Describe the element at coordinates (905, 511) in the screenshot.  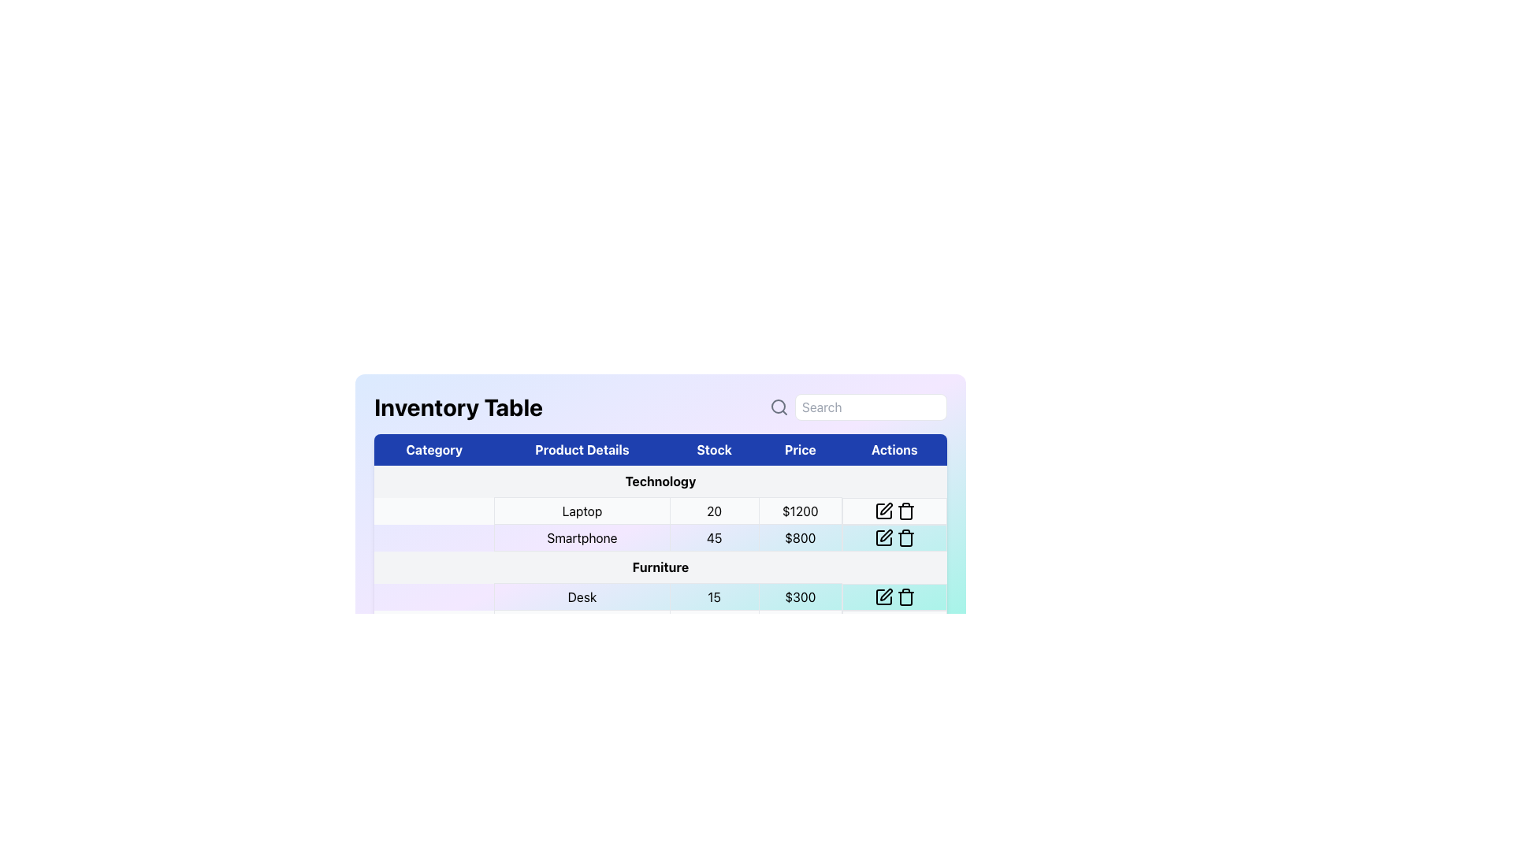
I see `the delete button in the 'Actions' column associated with the 'Laptop' product` at that location.